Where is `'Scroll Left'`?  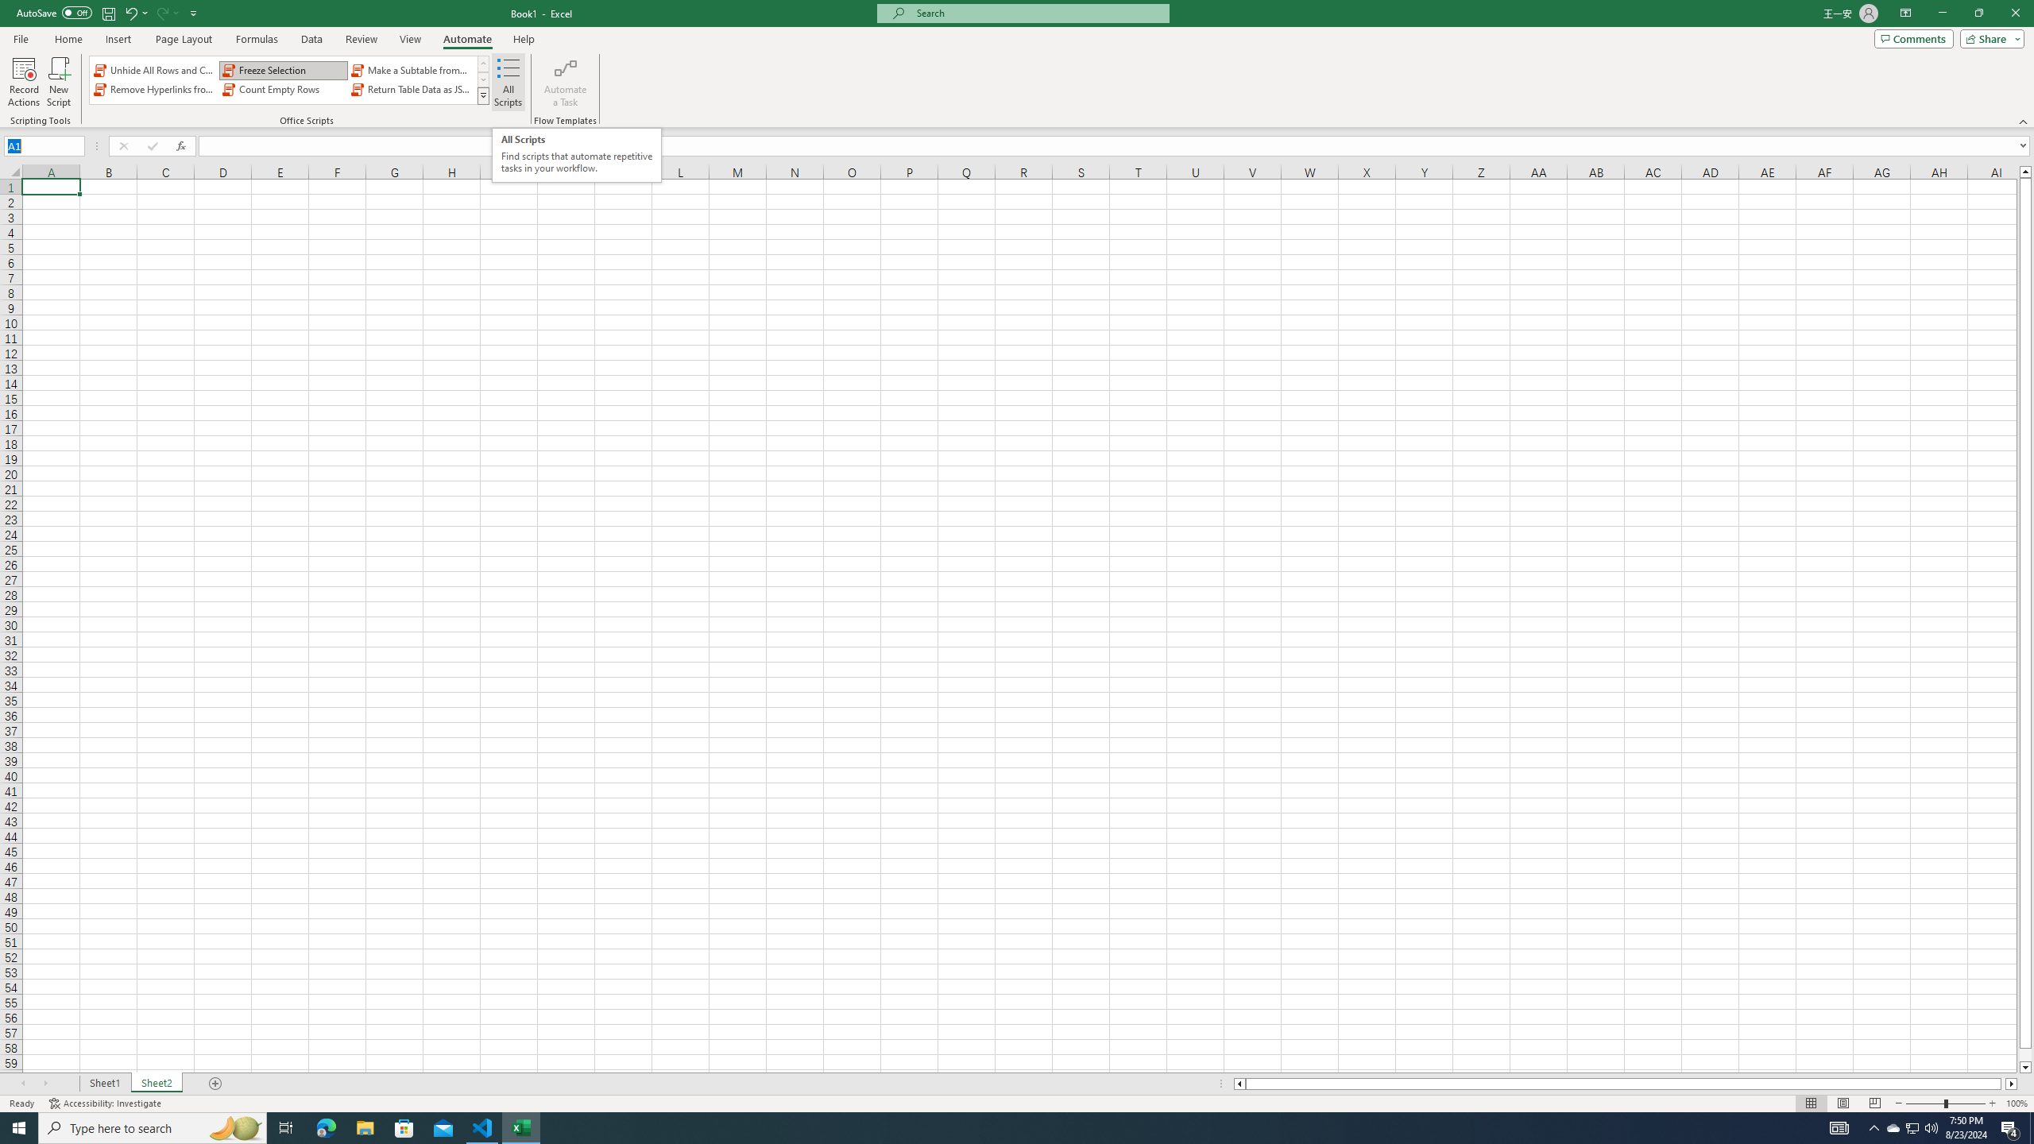
'Scroll Left' is located at coordinates (22, 1083).